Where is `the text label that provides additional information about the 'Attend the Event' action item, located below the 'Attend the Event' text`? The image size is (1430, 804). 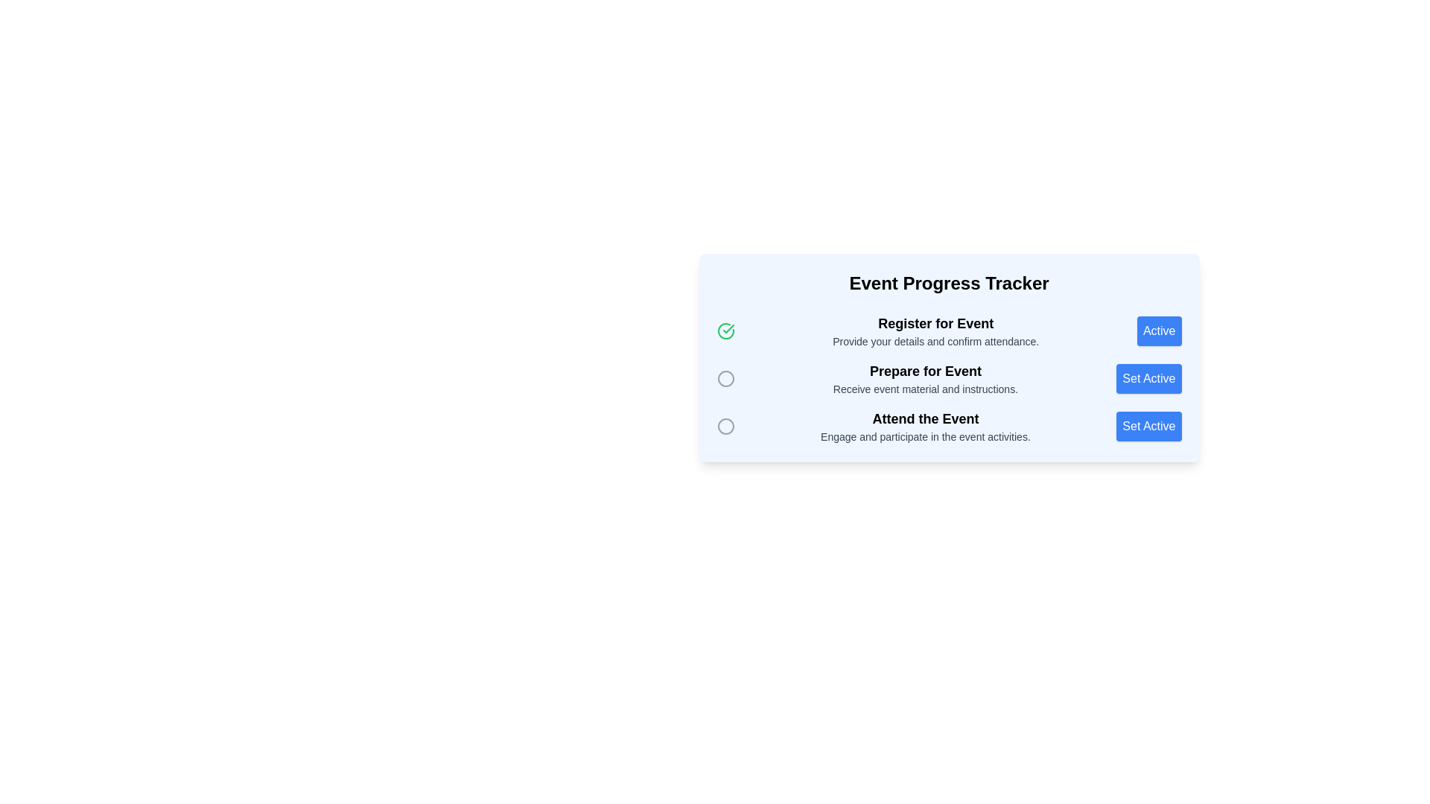 the text label that provides additional information about the 'Attend the Event' action item, located below the 'Attend the Event' text is located at coordinates (925, 435).